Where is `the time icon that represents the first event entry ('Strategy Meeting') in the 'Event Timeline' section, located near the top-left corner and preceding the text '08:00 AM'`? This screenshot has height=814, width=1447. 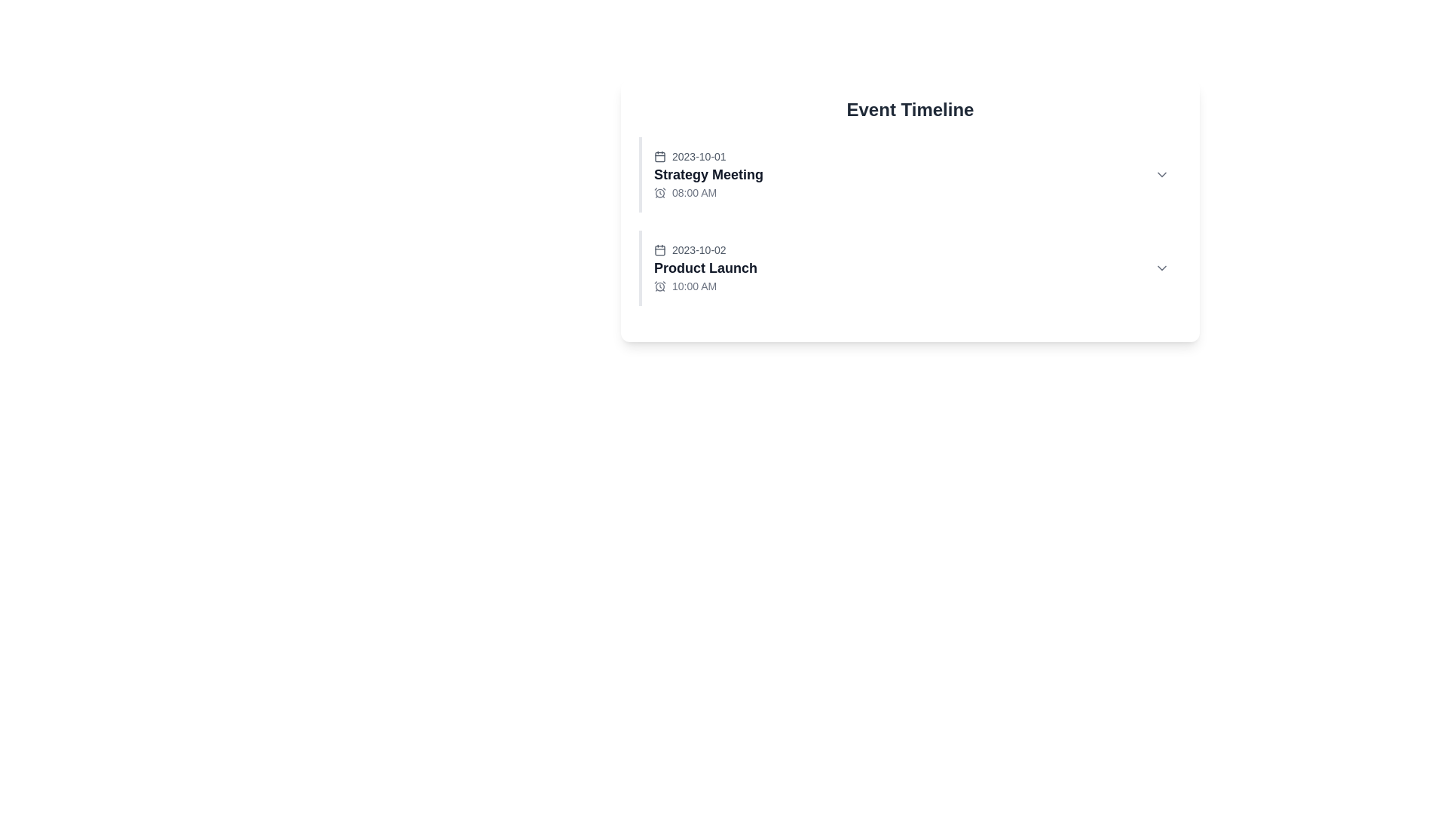
the time icon that represents the first event entry ('Strategy Meeting') in the 'Event Timeline' section, located near the top-left corner and preceding the text '08:00 AM' is located at coordinates (659, 191).